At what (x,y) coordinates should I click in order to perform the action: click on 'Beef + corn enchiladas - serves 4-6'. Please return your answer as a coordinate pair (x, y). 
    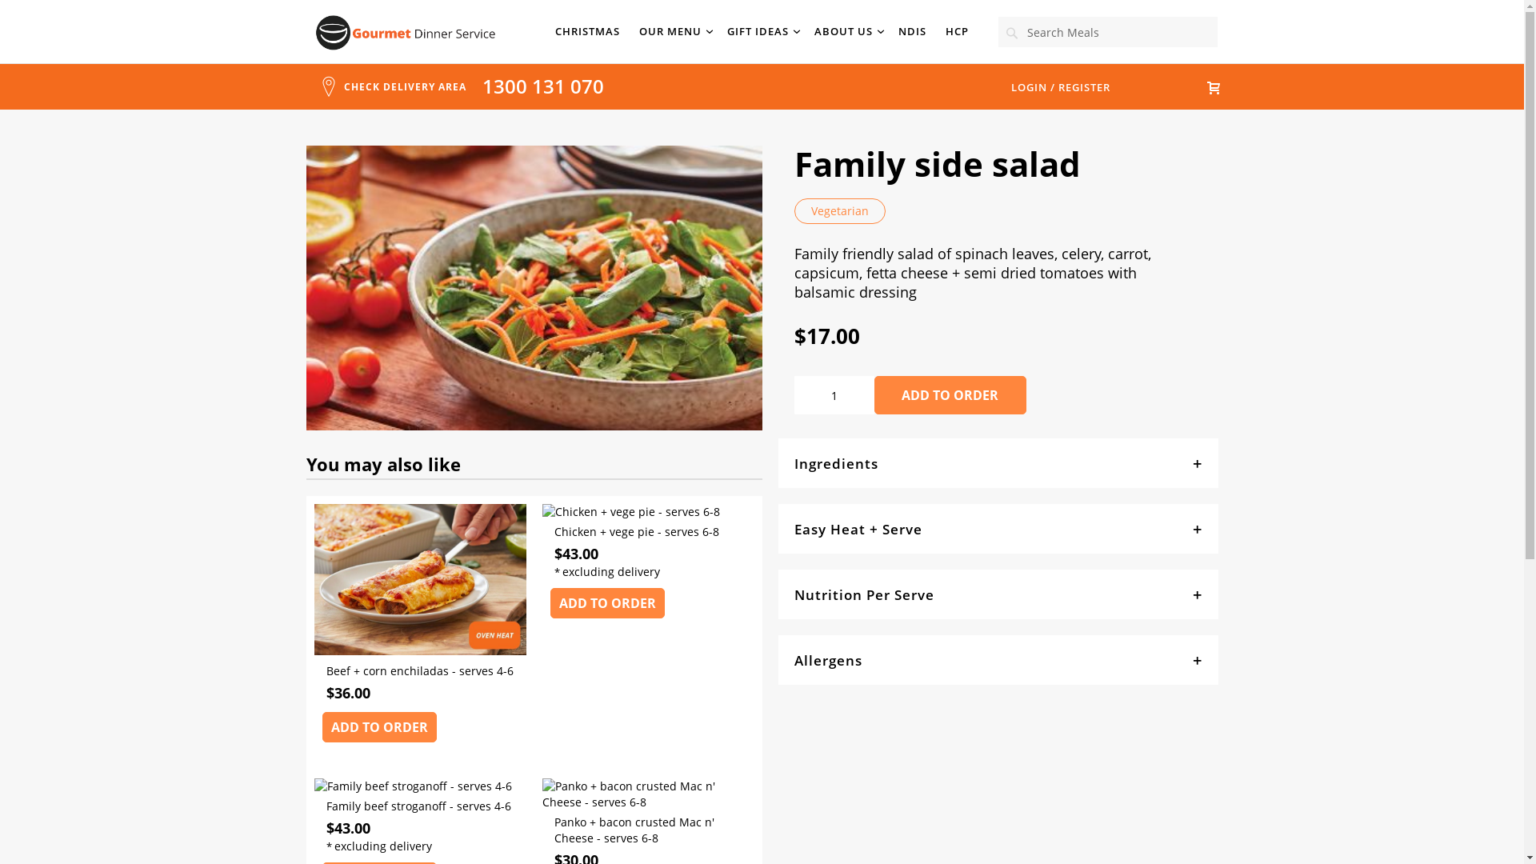
    Looking at the image, I should click on (419, 650).